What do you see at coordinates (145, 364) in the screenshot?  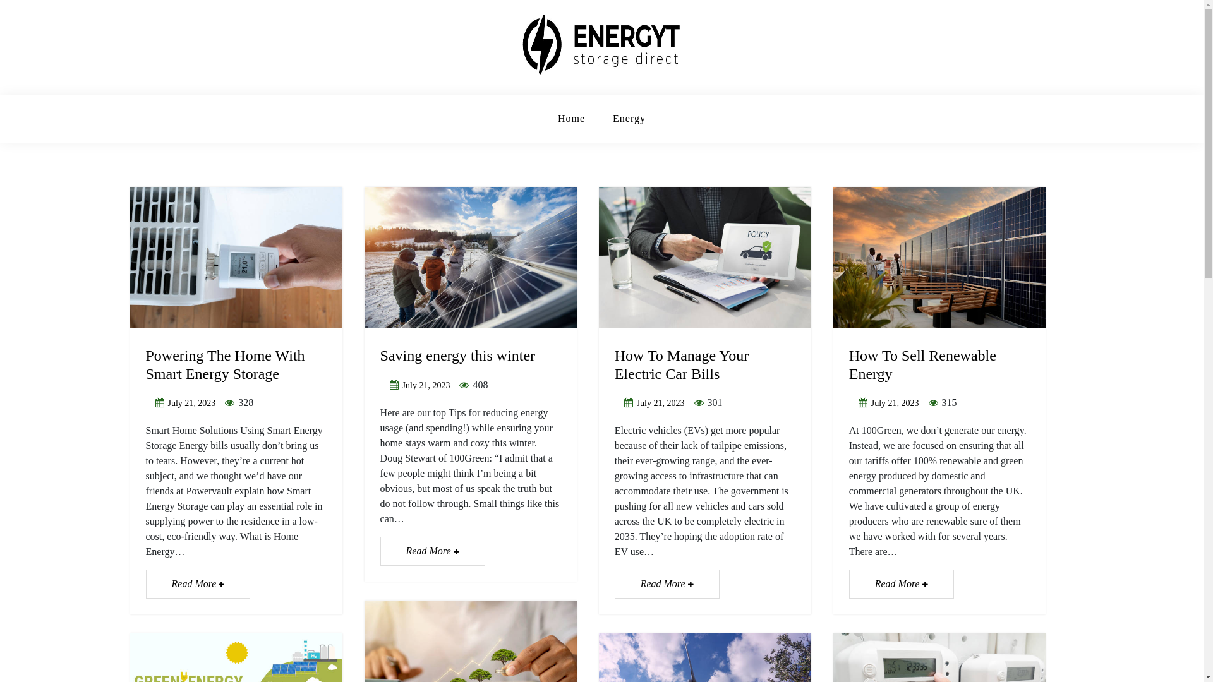 I see `'Powering The Home With Smart Energy Storage'` at bounding box center [145, 364].